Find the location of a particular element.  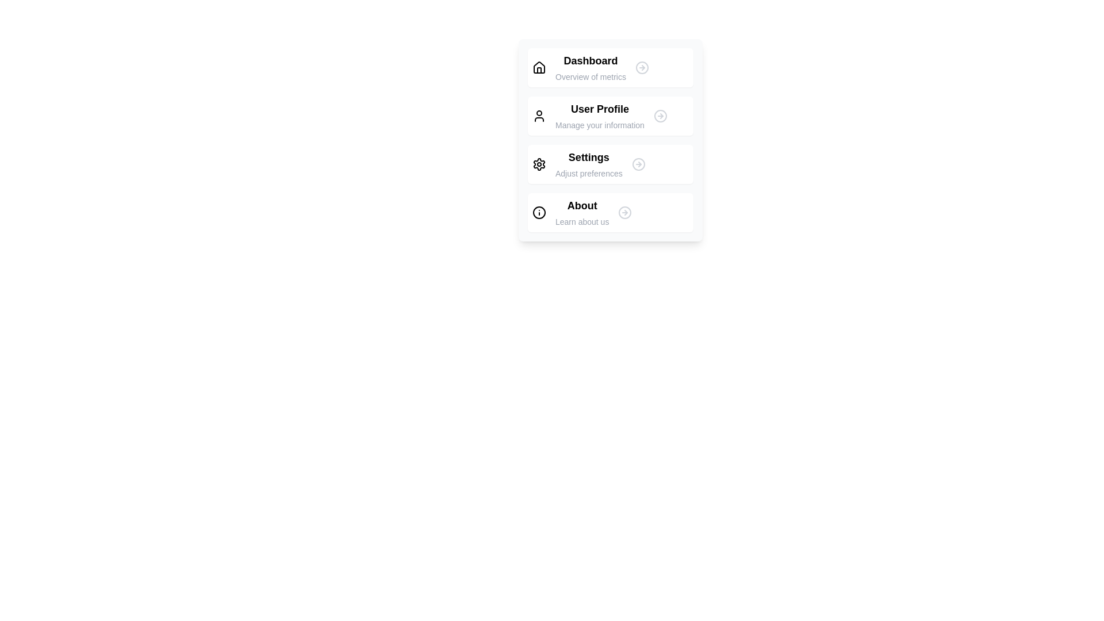

the 'Settings' icon, which is located to the left of the 'Settings' menu item in the vertical list of options is located at coordinates (538, 164).